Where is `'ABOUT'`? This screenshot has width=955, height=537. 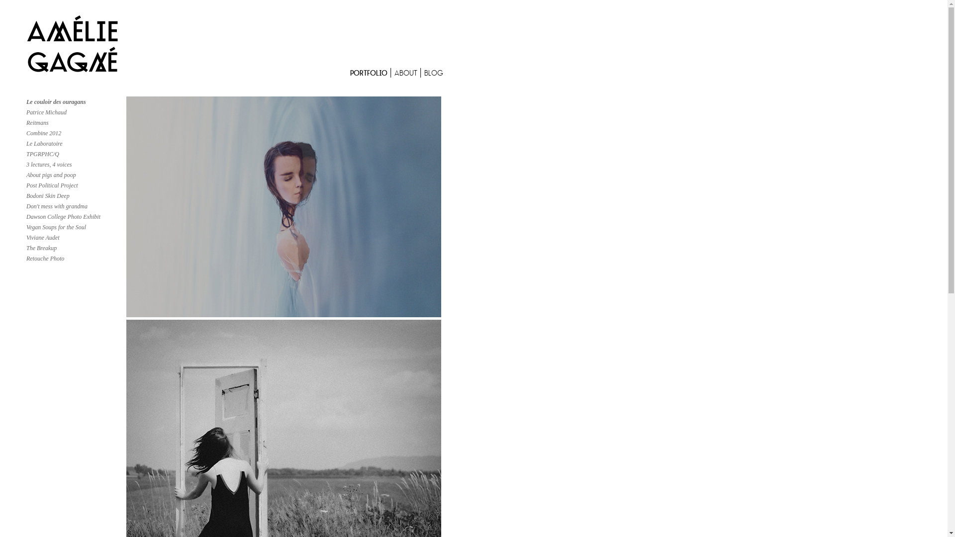 'ABOUT' is located at coordinates (407, 73).